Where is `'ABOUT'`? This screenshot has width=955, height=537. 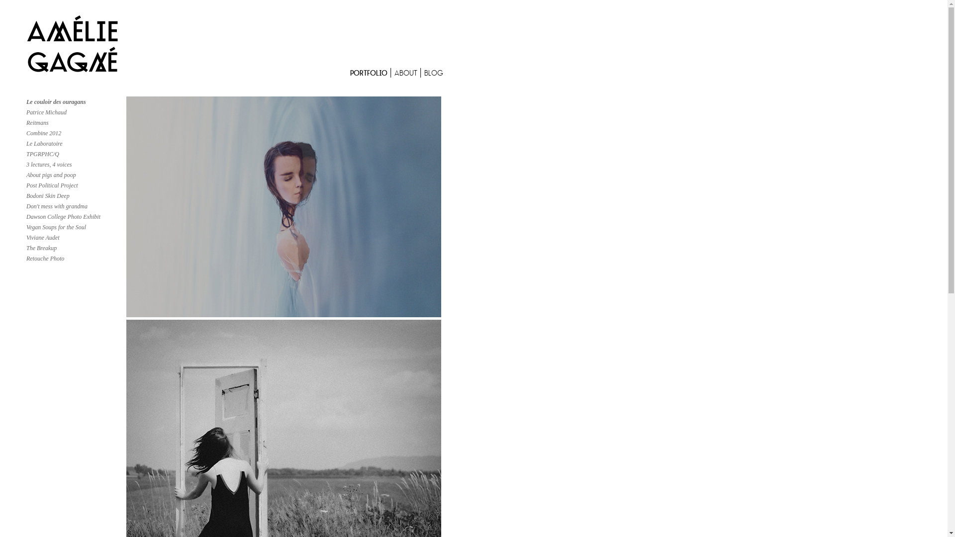 'ABOUT' is located at coordinates (407, 73).